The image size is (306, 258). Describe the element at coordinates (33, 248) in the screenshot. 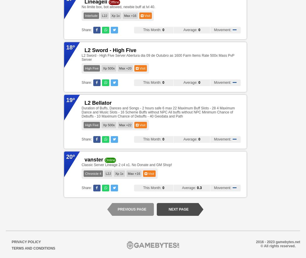

I see `'Terms and Conditions'` at that location.